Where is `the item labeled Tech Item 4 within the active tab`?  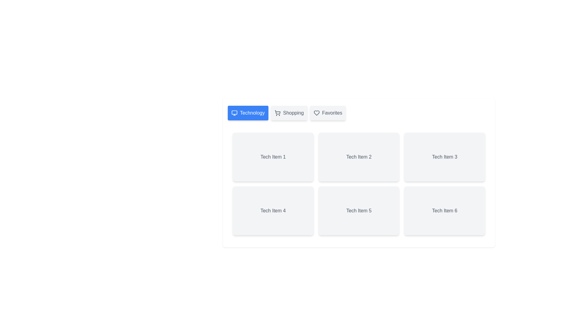
the item labeled Tech Item 4 within the active tab is located at coordinates (272, 211).